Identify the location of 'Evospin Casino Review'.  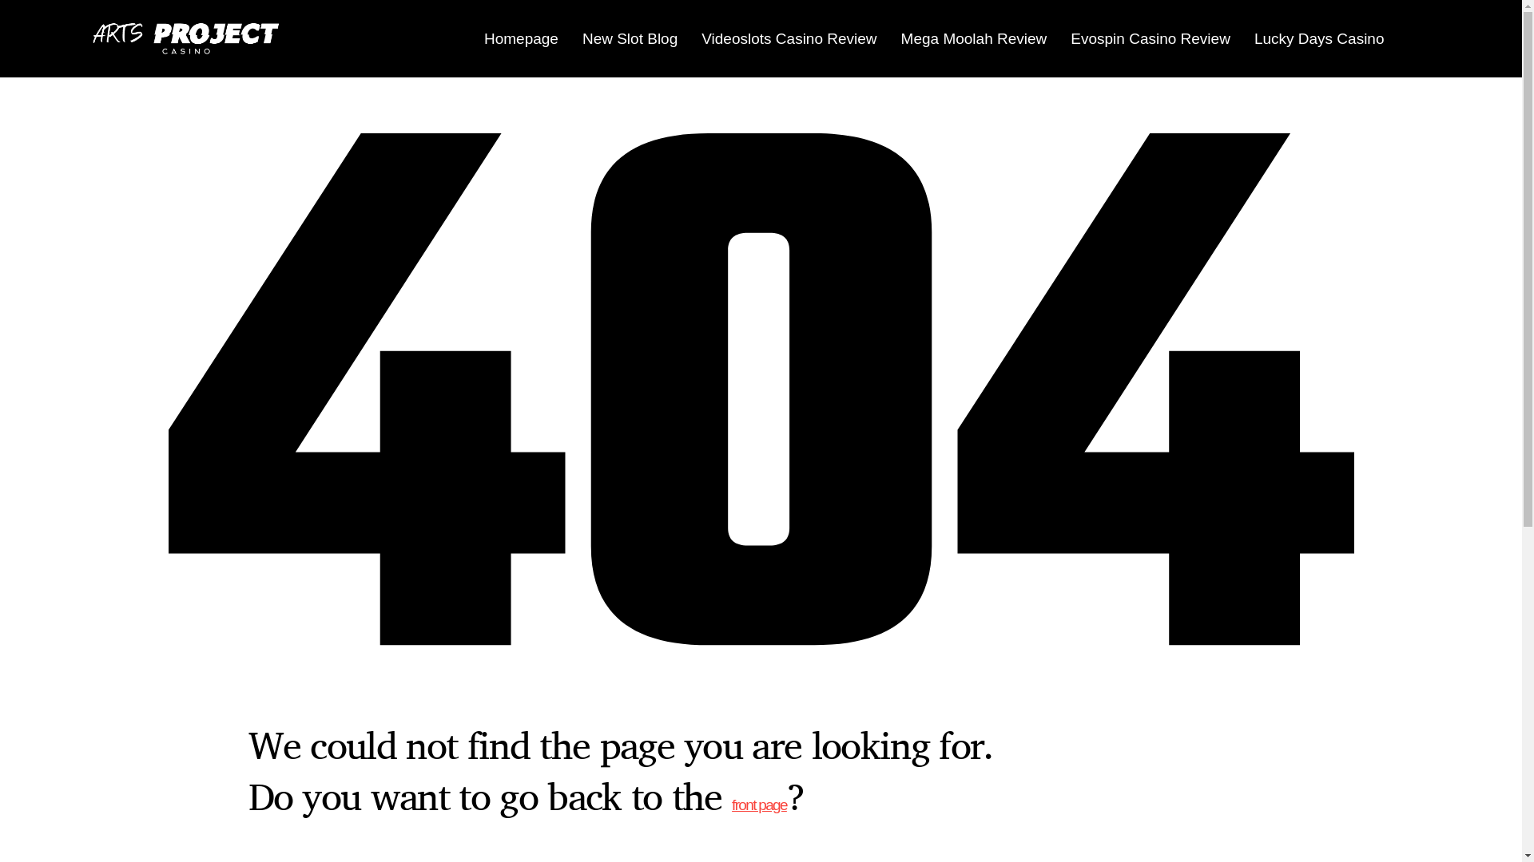
(1150, 37).